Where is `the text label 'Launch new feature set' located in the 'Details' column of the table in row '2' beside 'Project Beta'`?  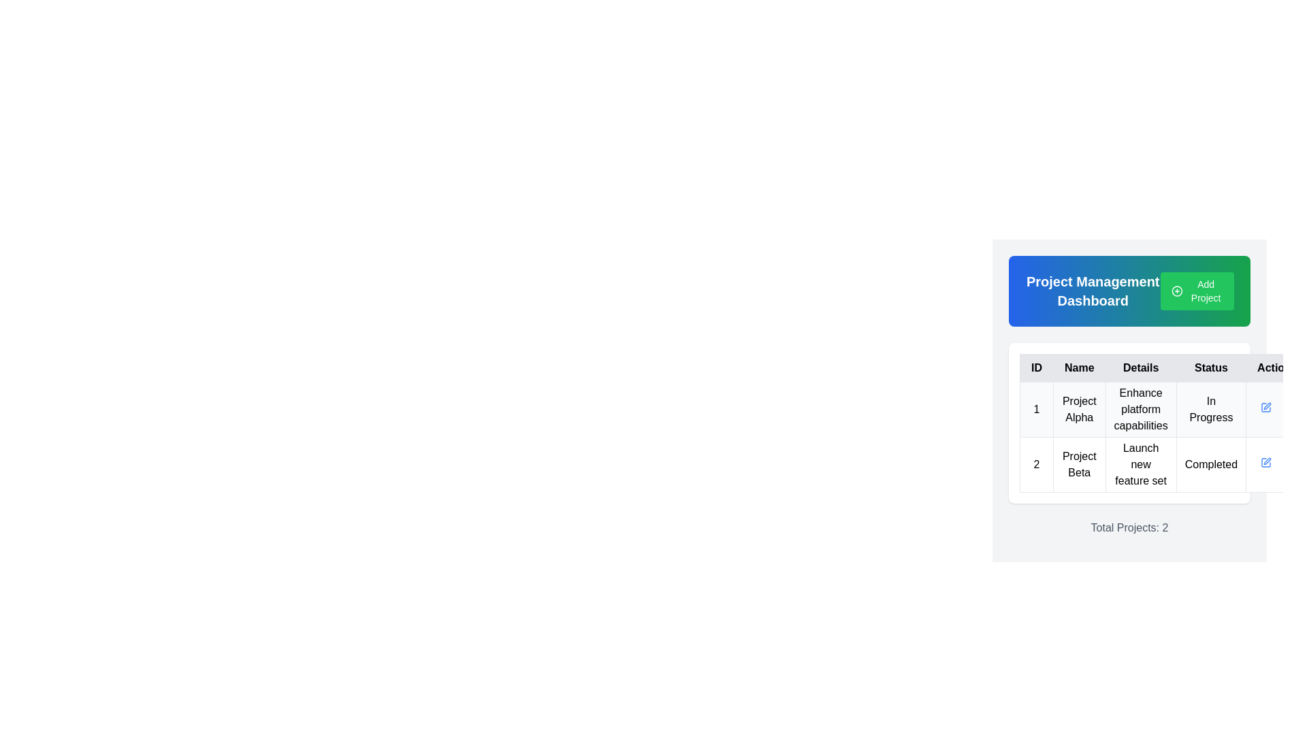
the text label 'Launch new feature set' located in the 'Details' column of the table in row '2' beside 'Project Beta' is located at coordinates (1141, 463).